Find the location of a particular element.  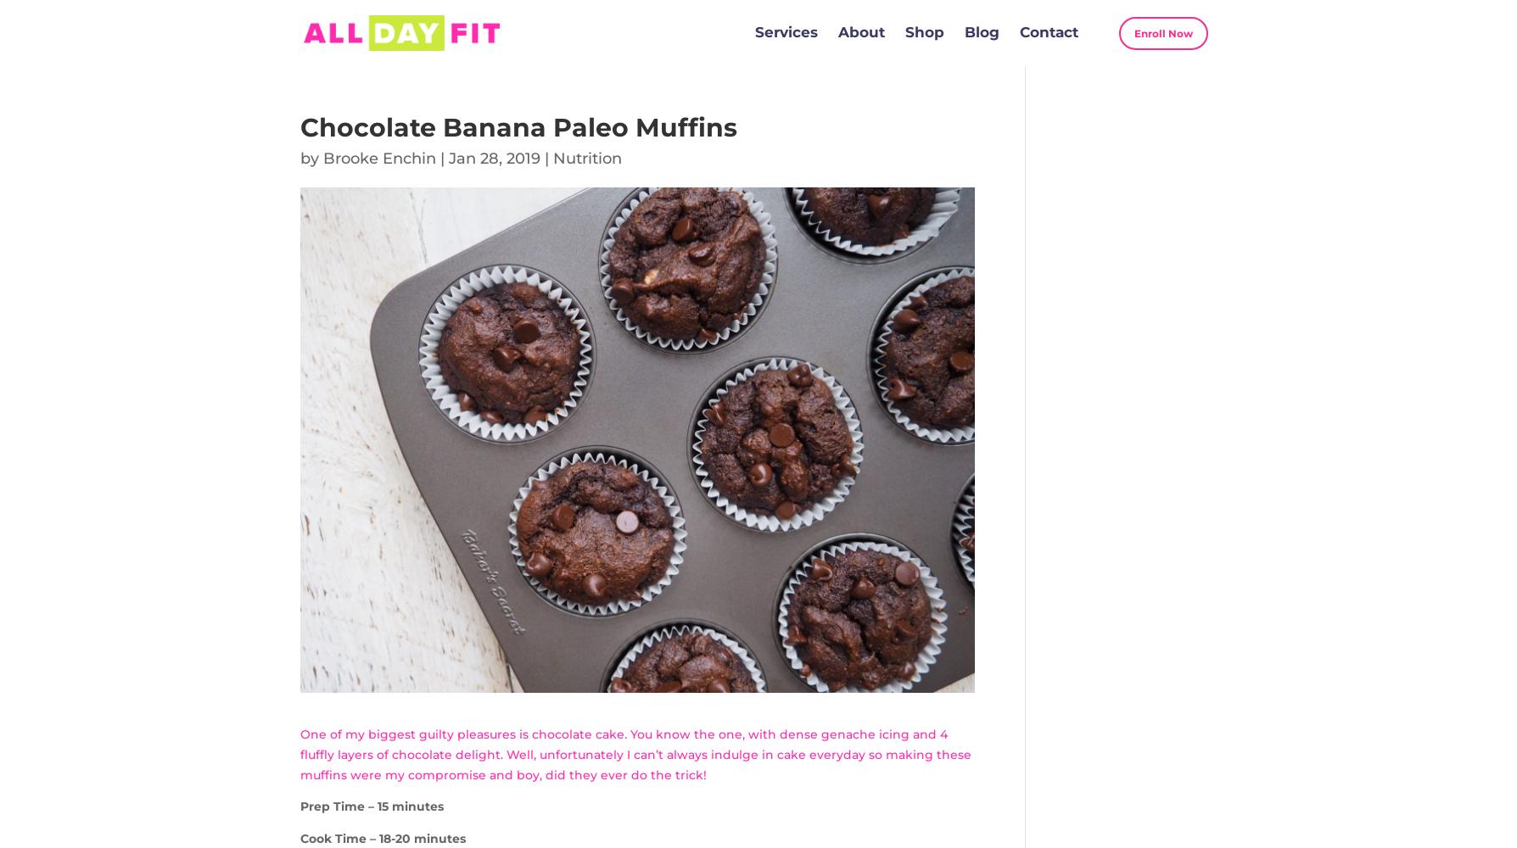

'Shop' is located at coordinates (905, 32).